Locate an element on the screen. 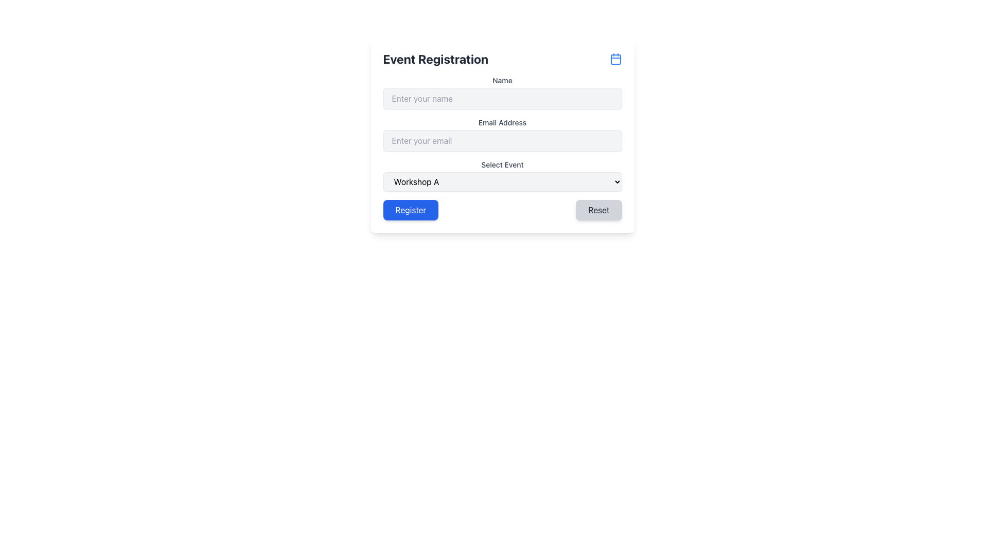  the name input field directly below the 'Event Registration' title to focus it is located at coordinates (502, 92).